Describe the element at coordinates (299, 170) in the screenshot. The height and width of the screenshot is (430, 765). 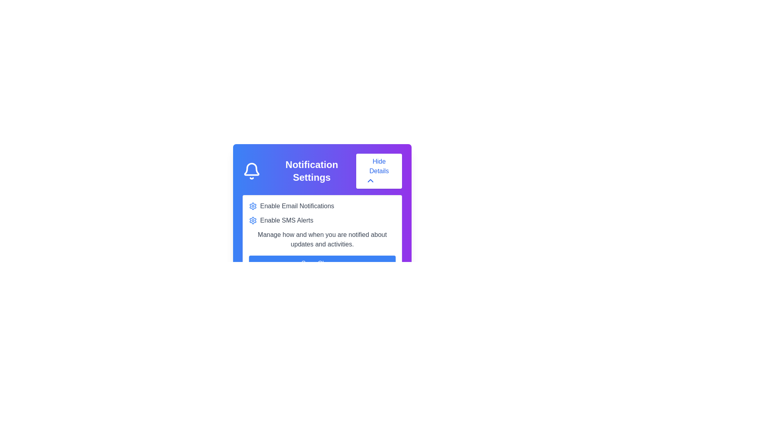
I see `the 'Notification Settings' label, which displays bold white text on a gradient background with a bell icon to the left, located at the top-left of the notification settings panel` at that location.